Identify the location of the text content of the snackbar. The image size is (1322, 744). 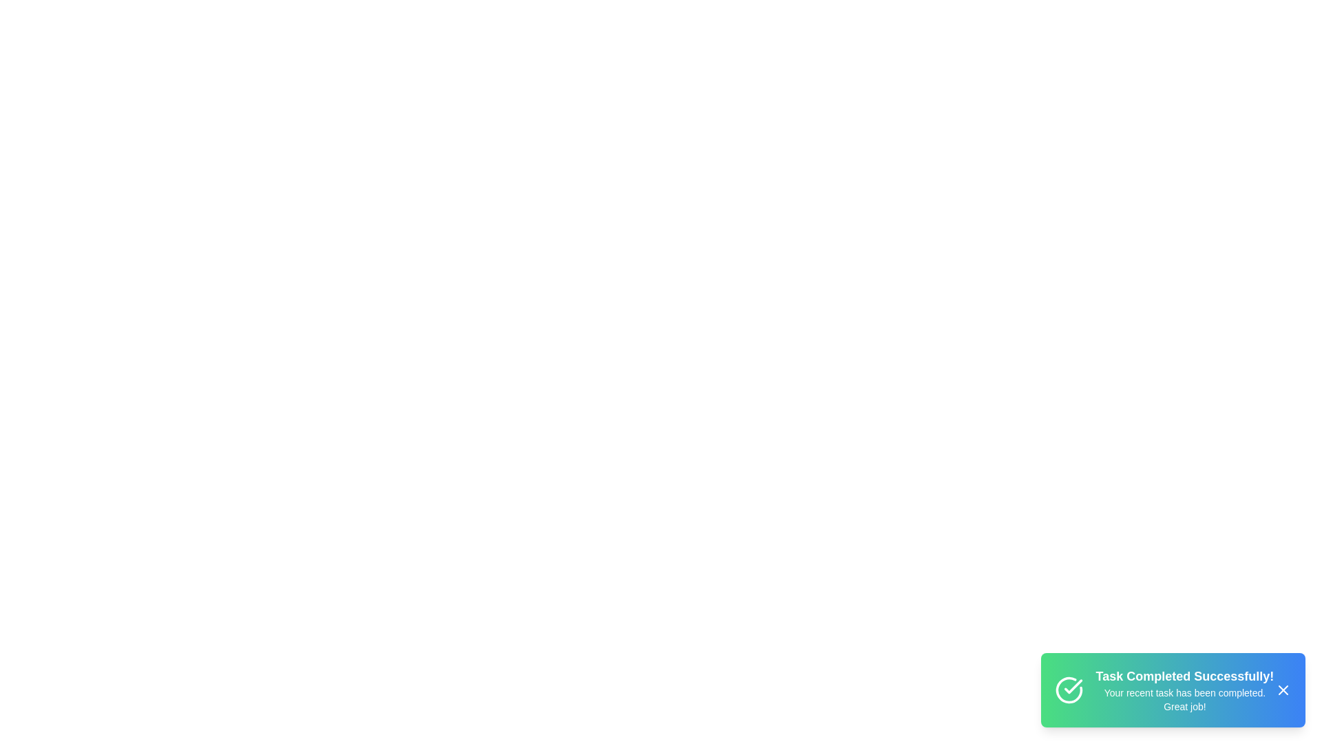
(1173, 690).